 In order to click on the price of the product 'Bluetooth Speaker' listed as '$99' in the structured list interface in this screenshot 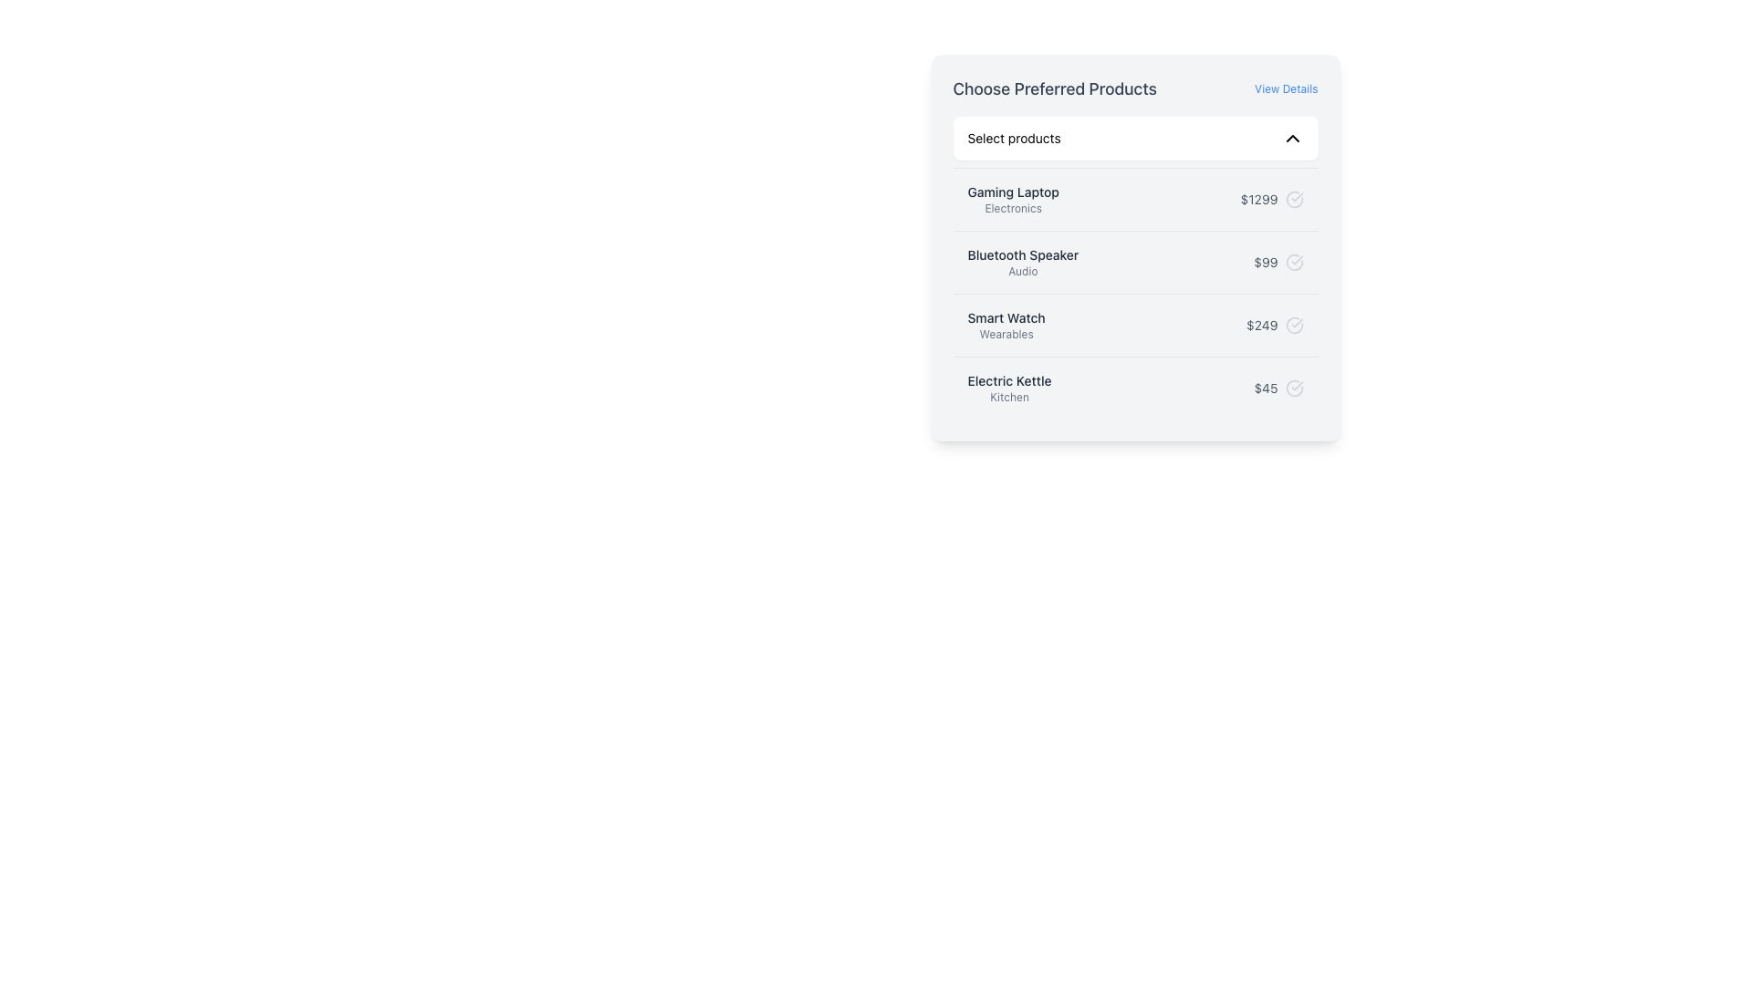, I will do `click(1134, 262)`.